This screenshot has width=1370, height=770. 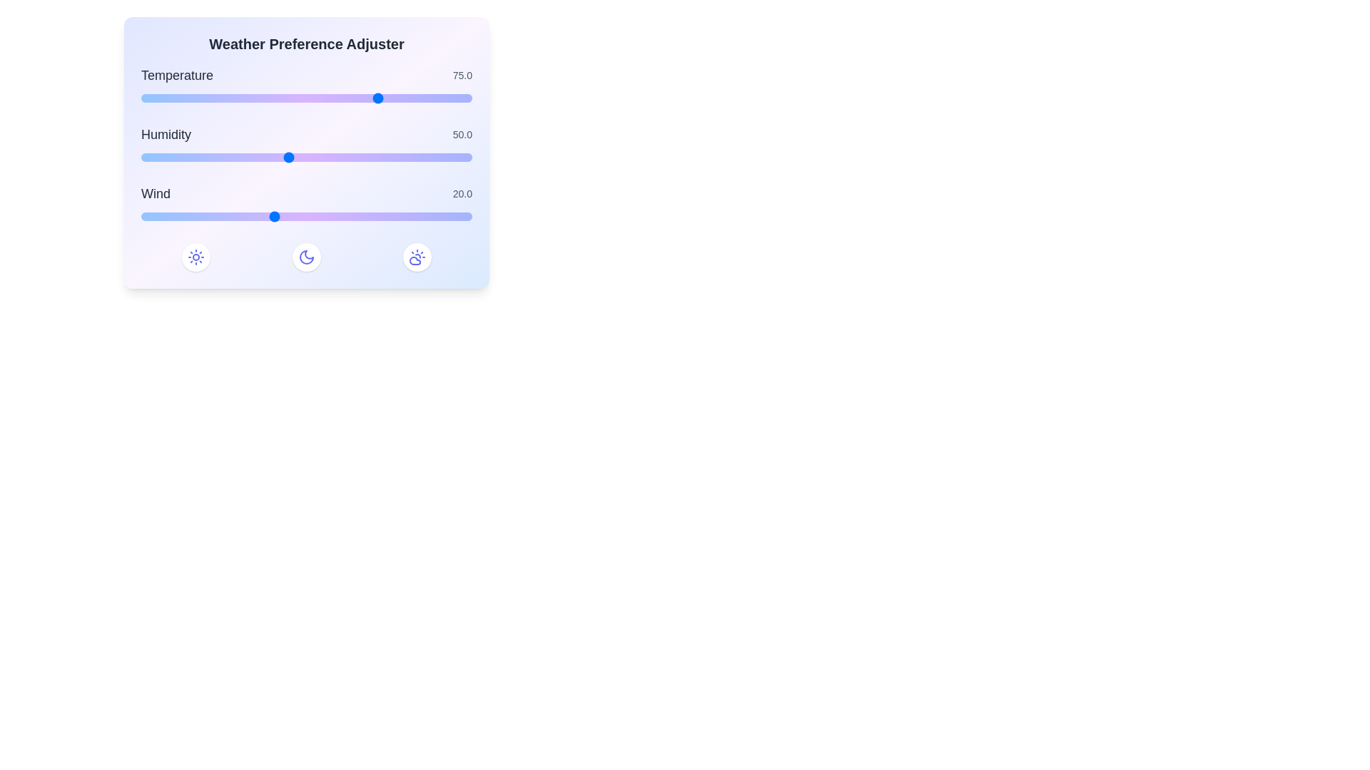 I want to click on the humidity value, so click(x=465, y=157).